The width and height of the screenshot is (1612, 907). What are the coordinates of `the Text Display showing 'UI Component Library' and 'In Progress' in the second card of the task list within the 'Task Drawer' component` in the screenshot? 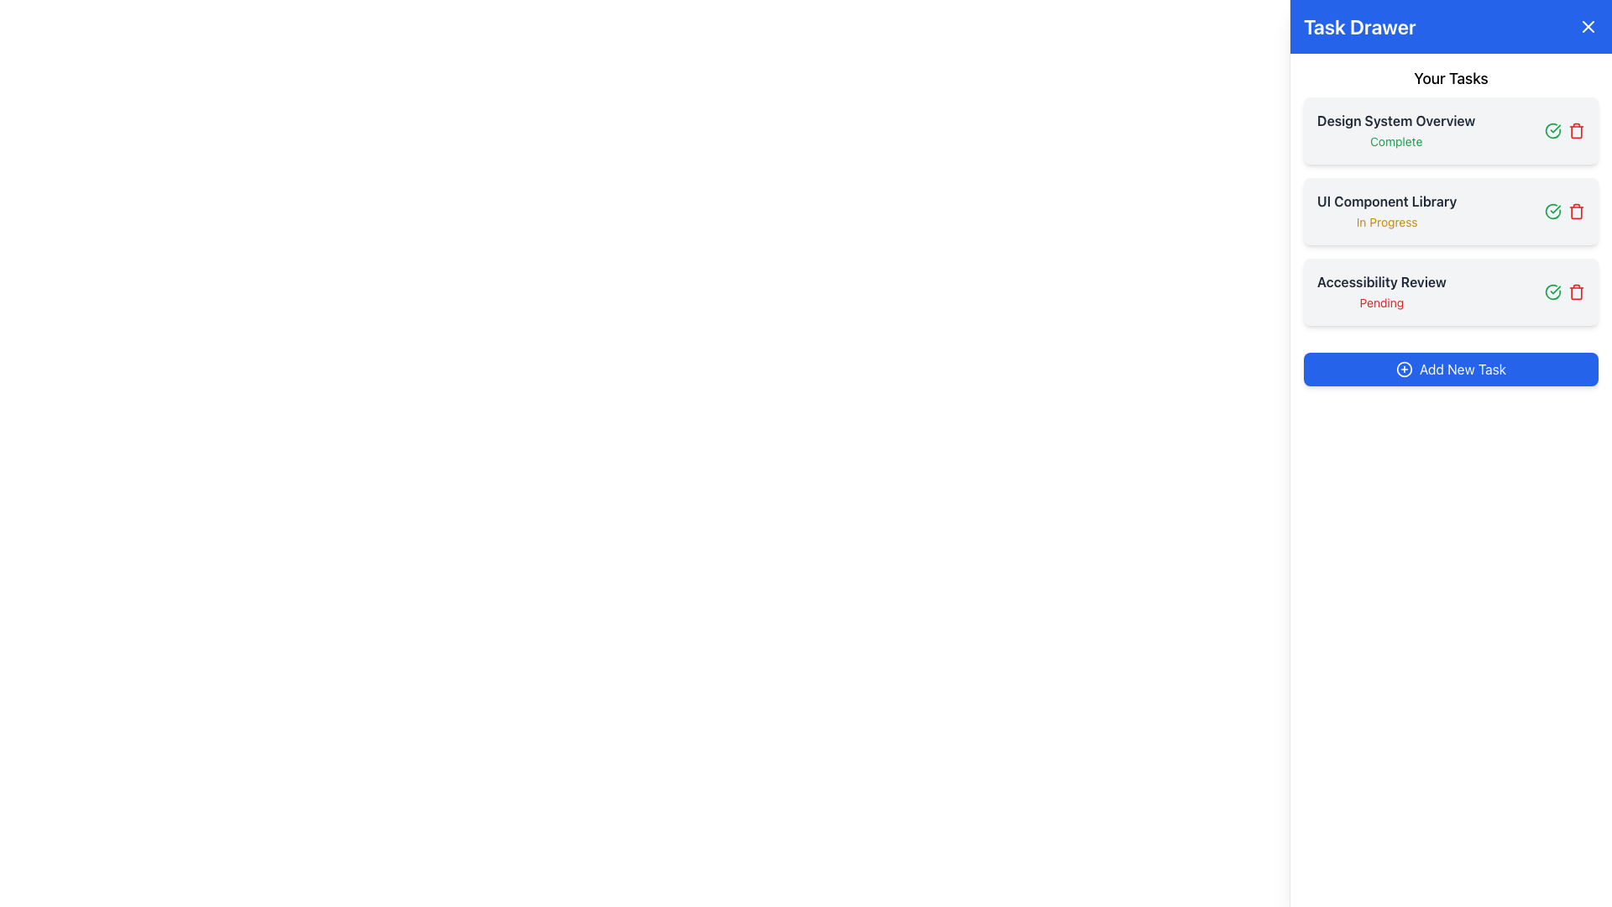 It's located at (1387, 210).